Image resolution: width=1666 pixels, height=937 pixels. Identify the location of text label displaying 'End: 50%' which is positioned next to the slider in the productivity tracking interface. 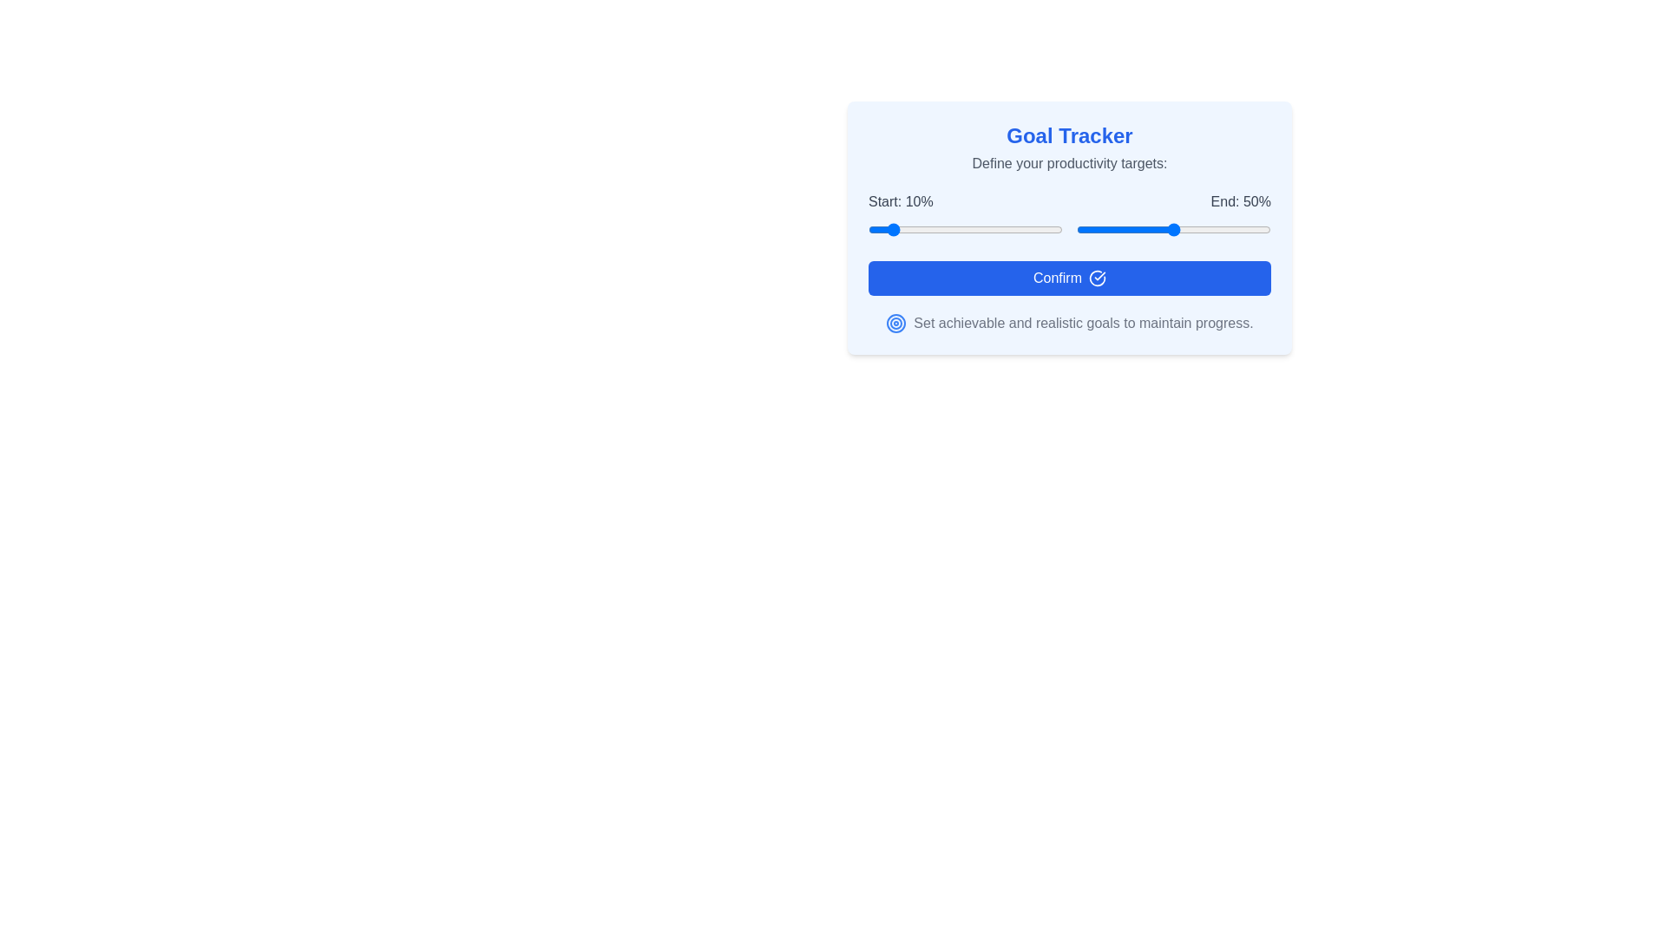
(1240, 200).